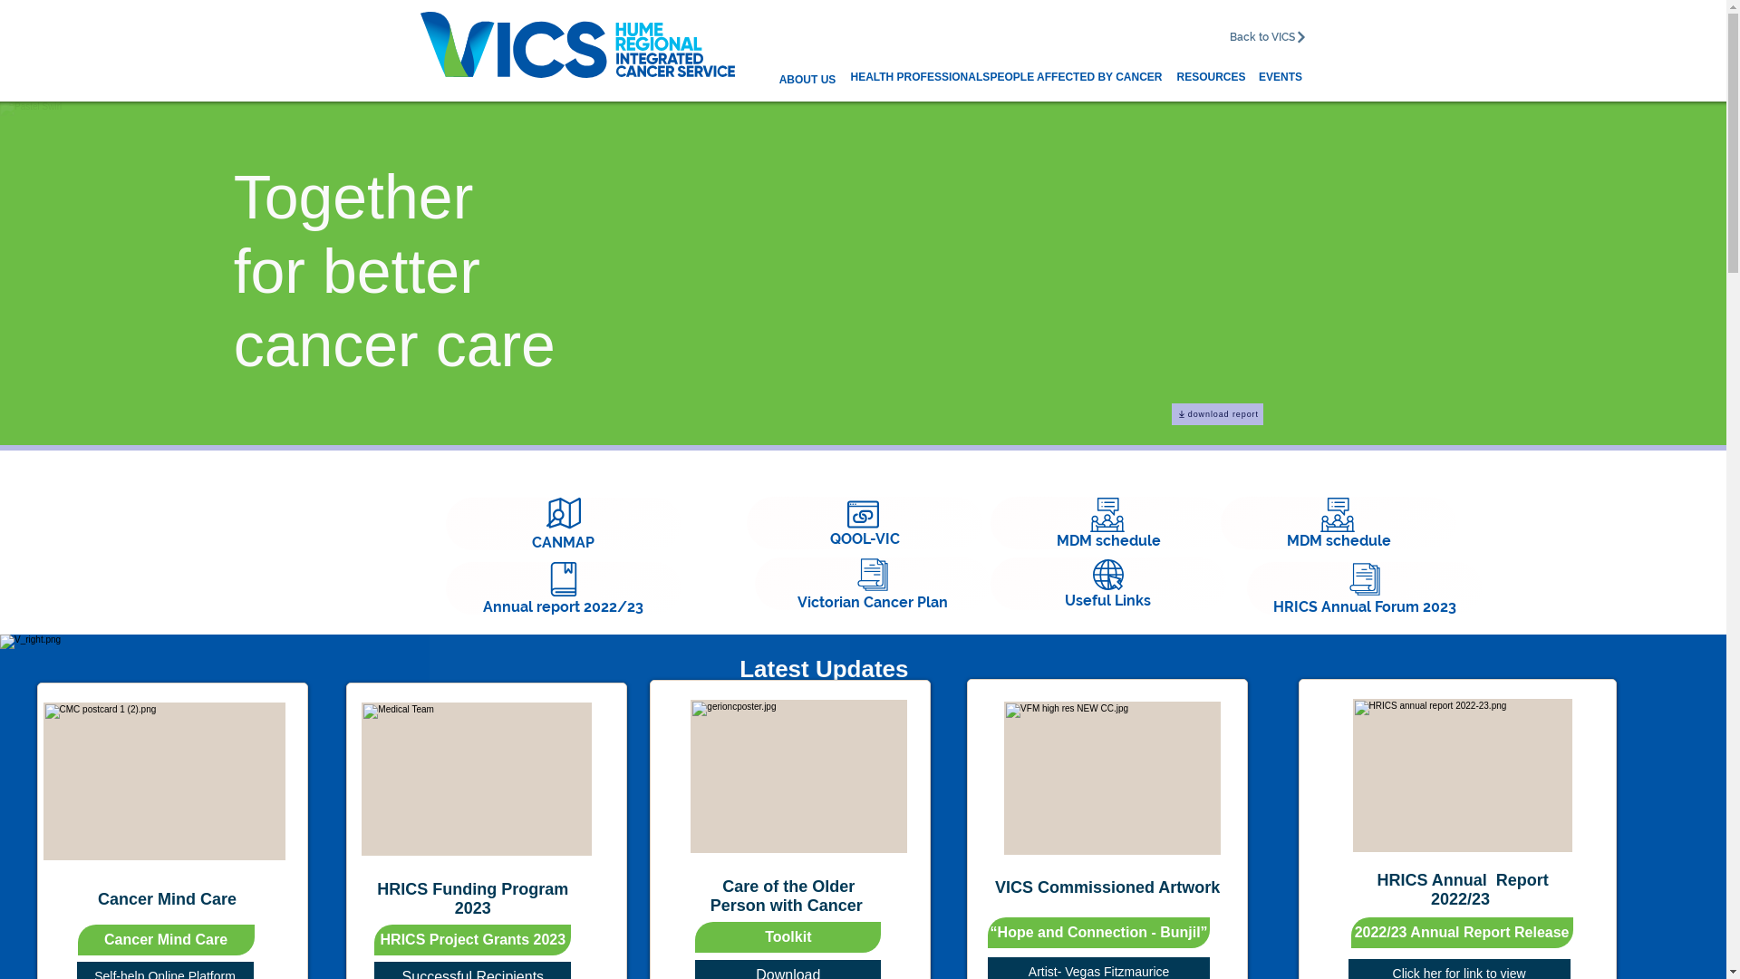 This screenshot has width=1740, height=979. What do you see at coordinates (1107, 584) in the screenshot?
I see `'Useful Links'` at bounding box center [1107, 584].